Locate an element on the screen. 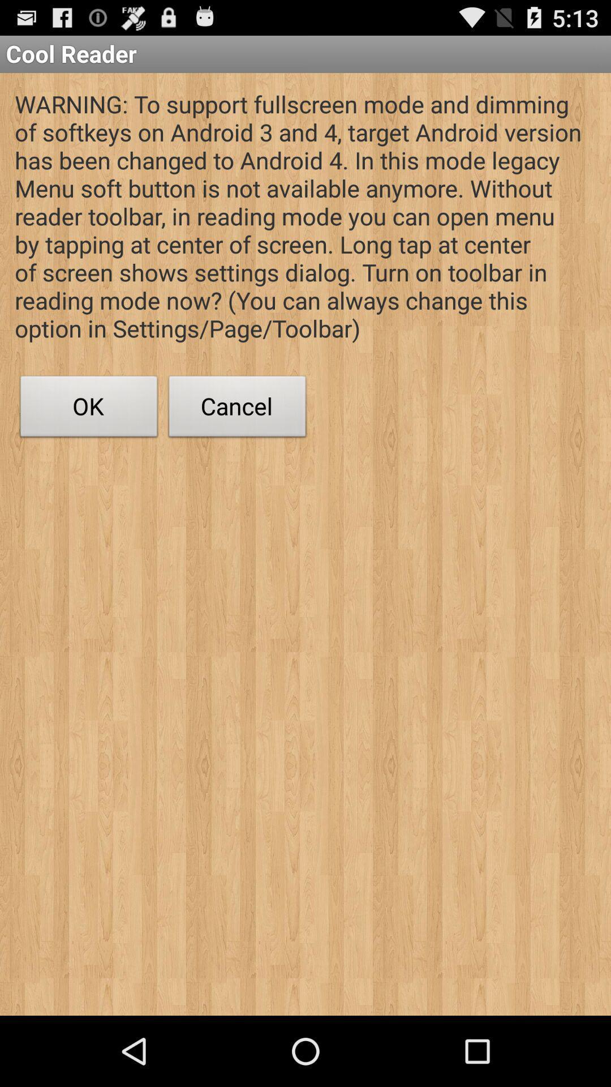 Image resolution: width=611 pixels, height=1087 pixels. the cancel icon is located at coordinates (237, 409).